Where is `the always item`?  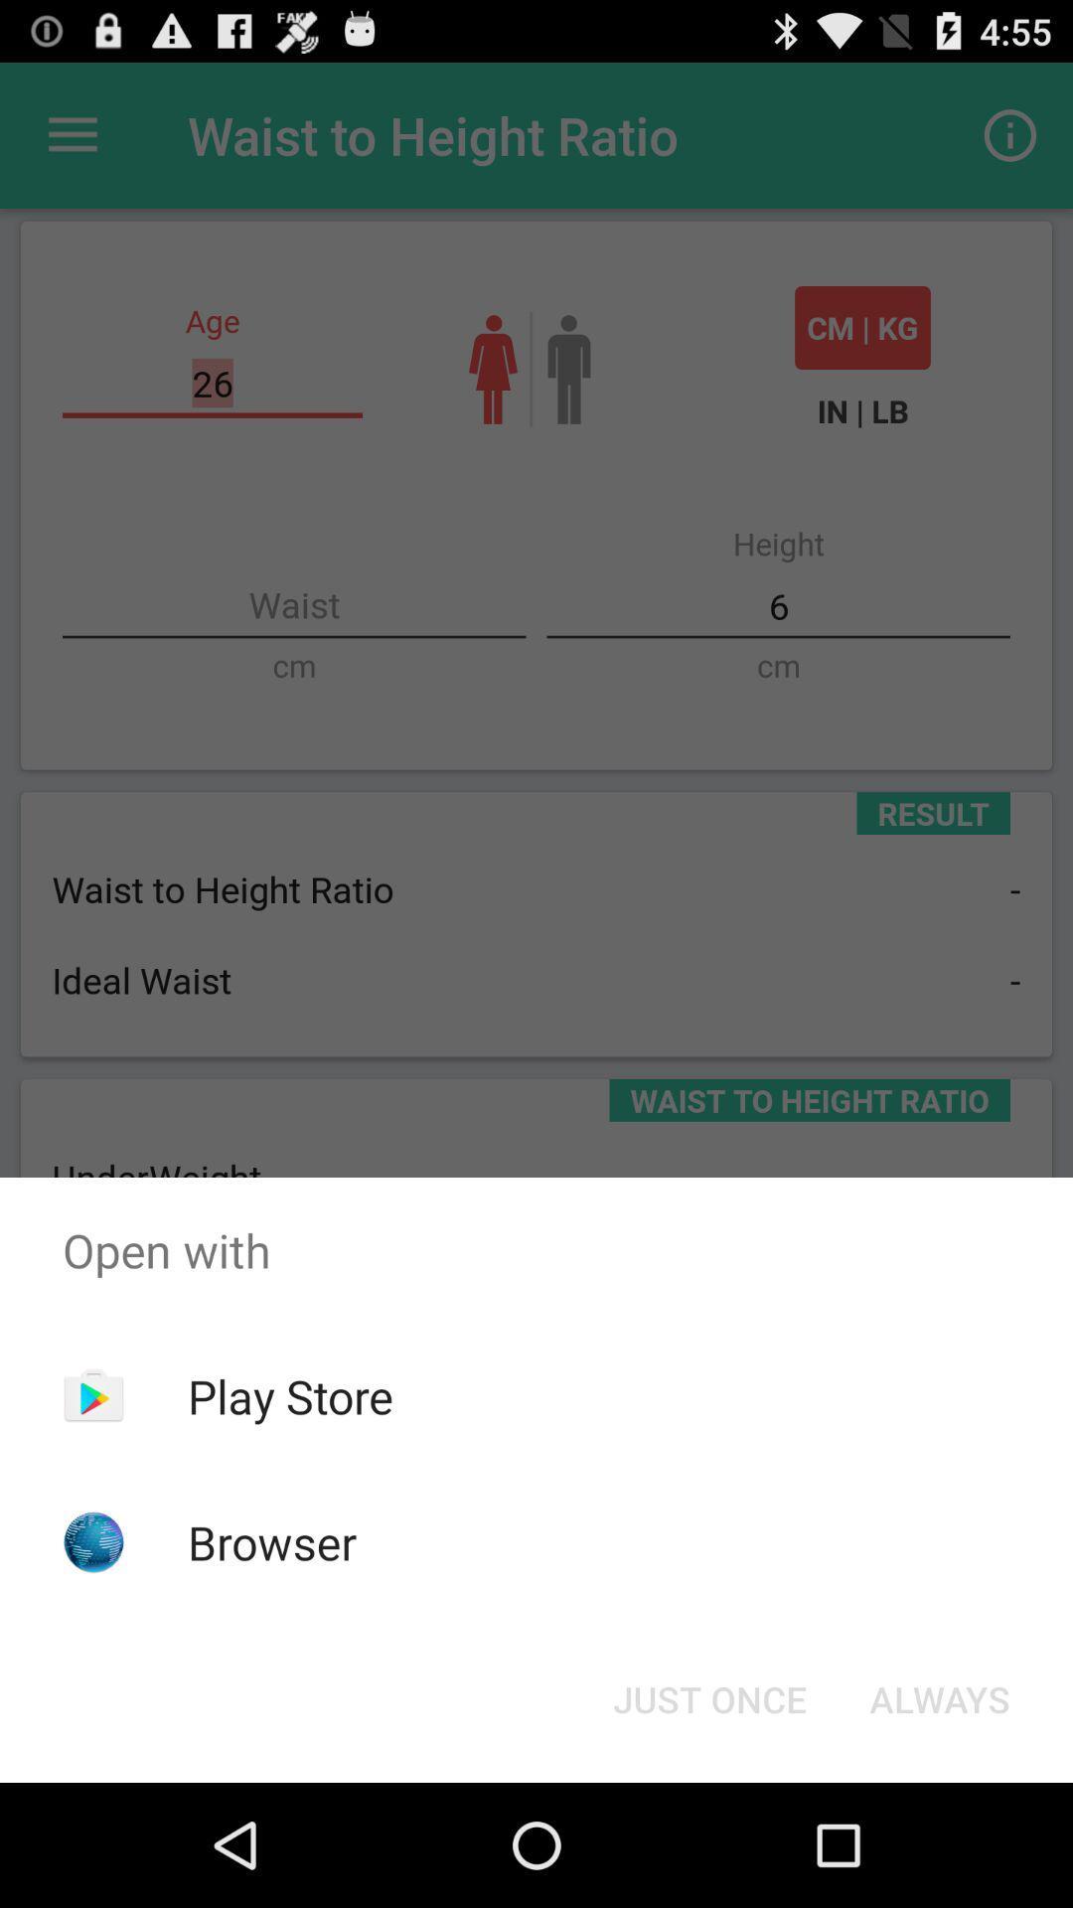 the always item is located at coordinates (939, 1697).